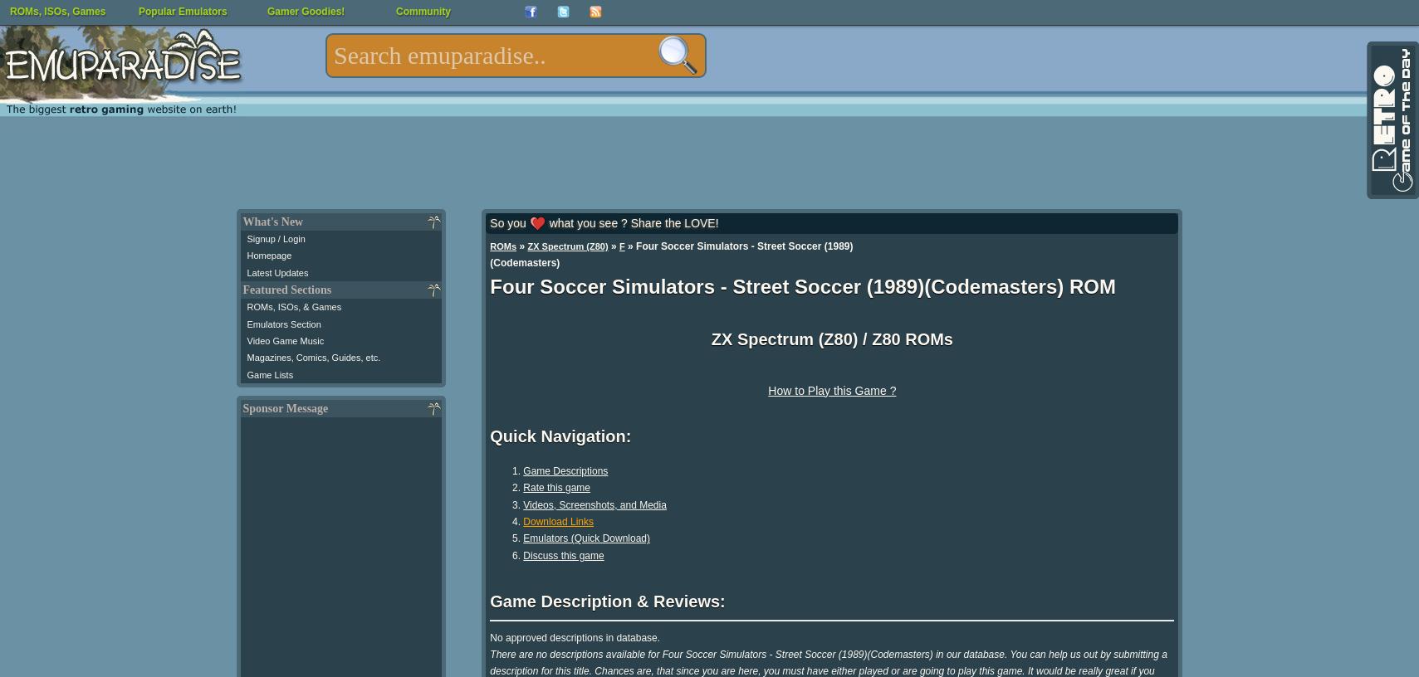  Describe the element at coordinates (585, 537) in the screenshot. I see `'Emulators (Quick Download)'` at that location.